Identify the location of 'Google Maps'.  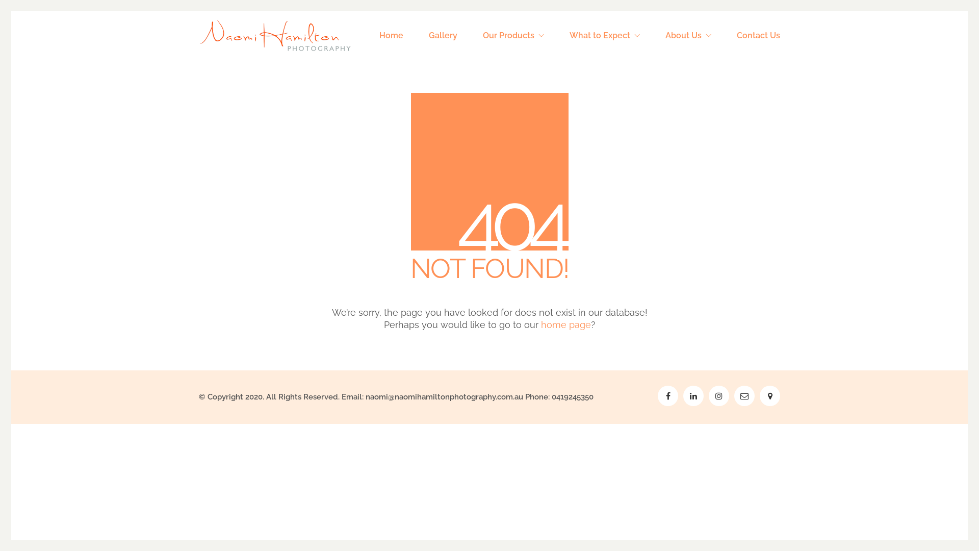
(770, 395).